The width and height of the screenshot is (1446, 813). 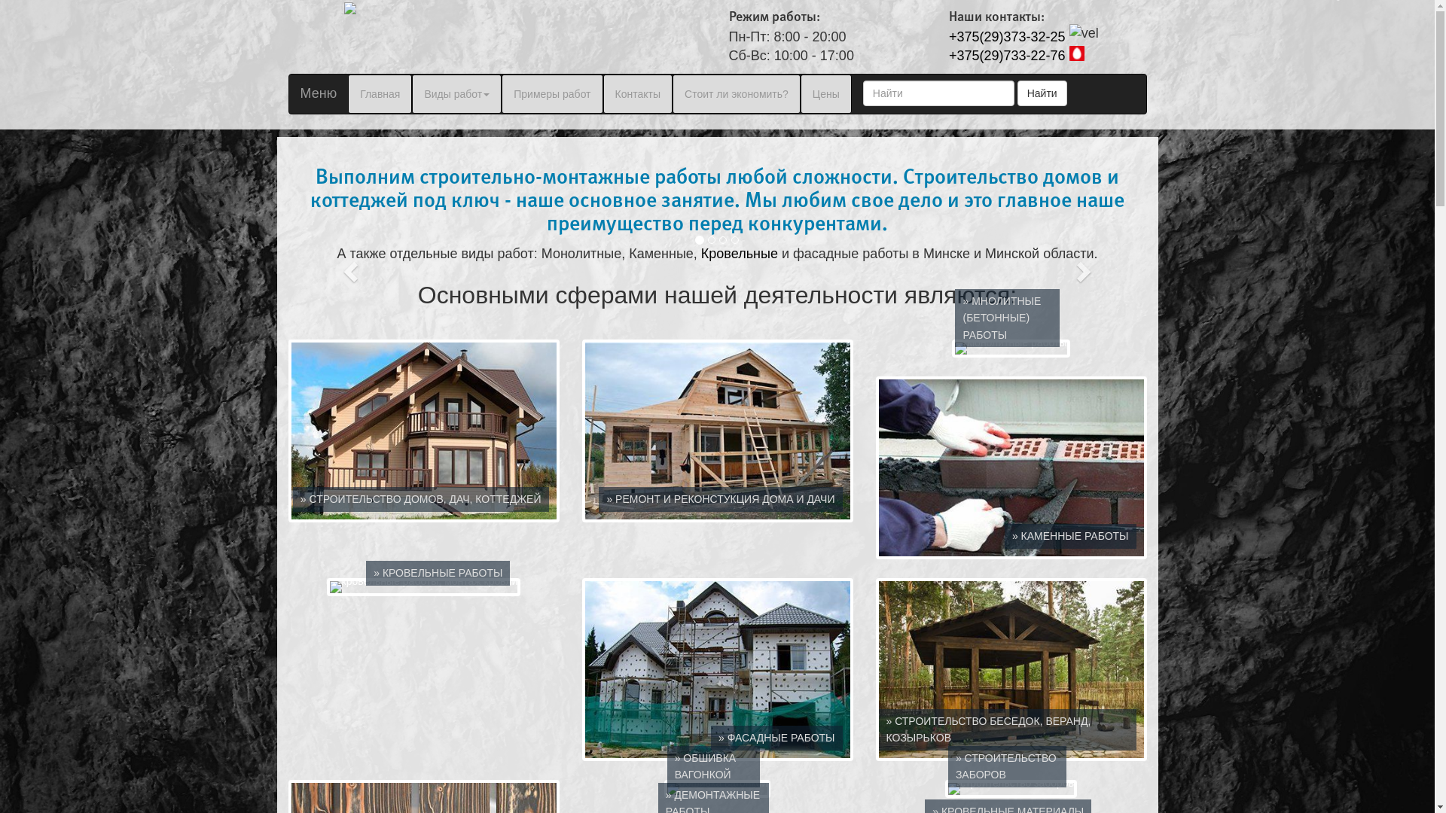 What do you see at coordinates (1007, 54) in the screenshot?
I see `'+375(29)733-22-76'` at bounding box center [1007, 54].